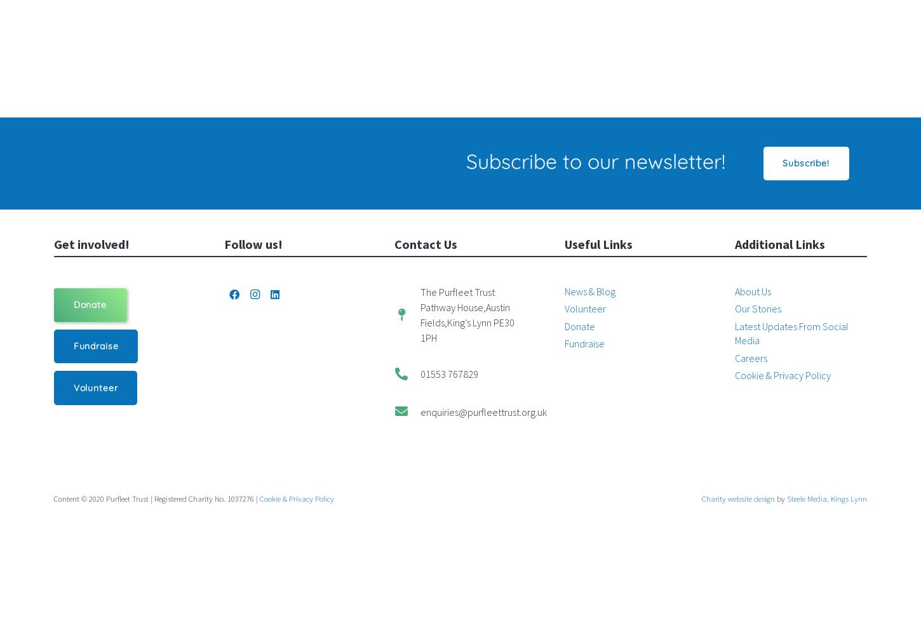 This screenshot has width=921, height=635. Describe the element at coordinates (594, 161) in the screenshot. I see `'Subscribe to our newsletter!'` at that location.